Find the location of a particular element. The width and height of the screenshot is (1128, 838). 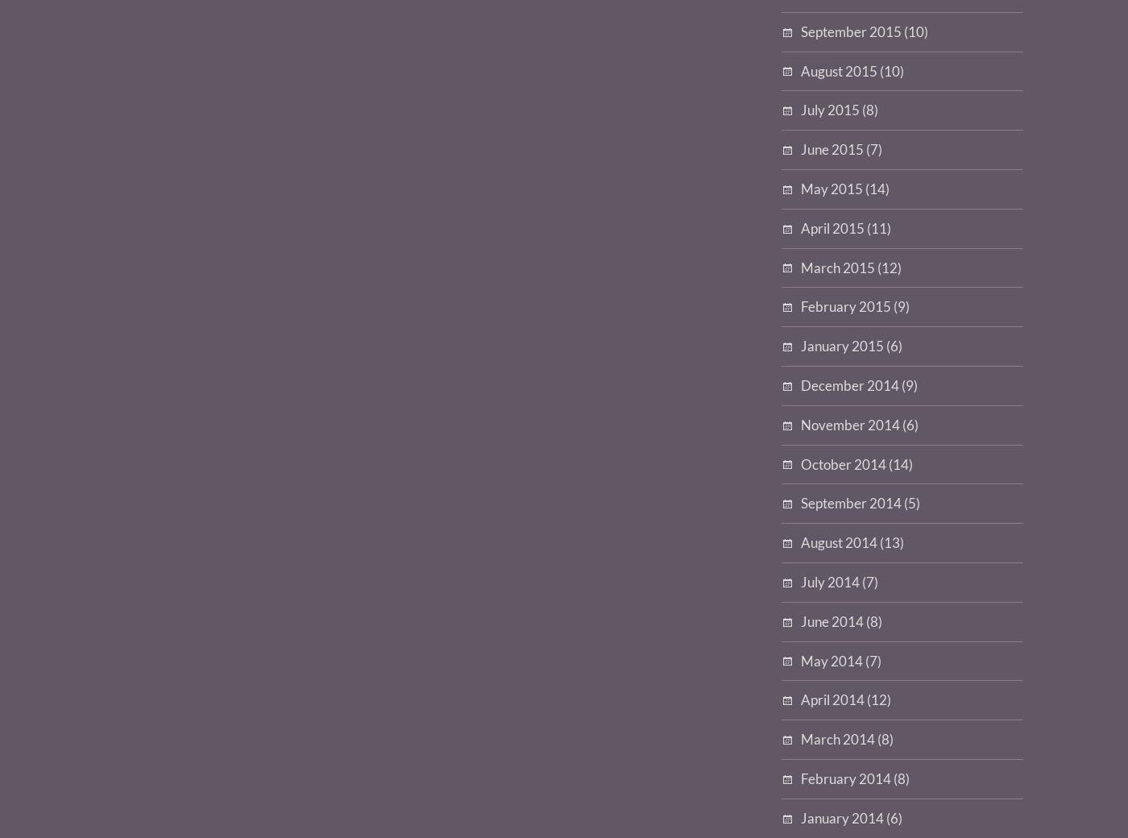

'October 2014' is located at coordinates (844, 463).